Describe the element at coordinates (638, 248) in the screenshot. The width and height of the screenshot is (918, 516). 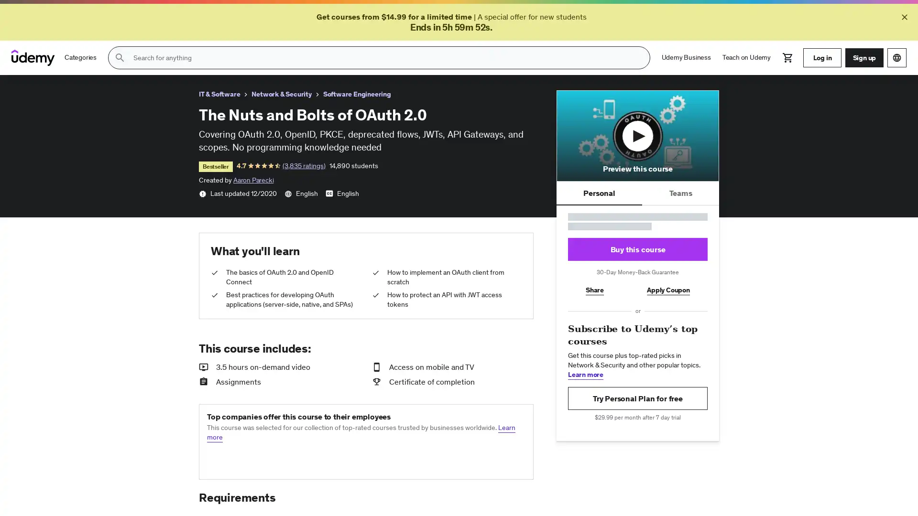
I see `Buy this course` at that location.